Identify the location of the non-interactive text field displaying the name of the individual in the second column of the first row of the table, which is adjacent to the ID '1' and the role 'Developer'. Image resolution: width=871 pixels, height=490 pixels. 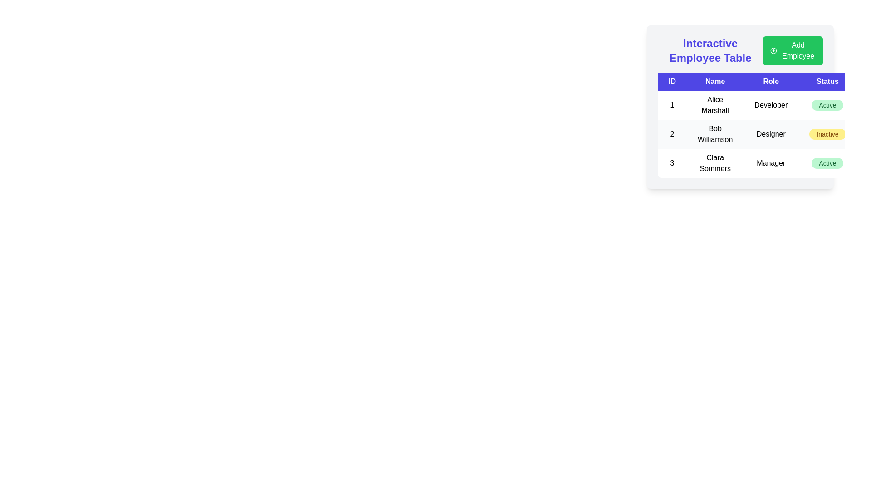
(714, 104).